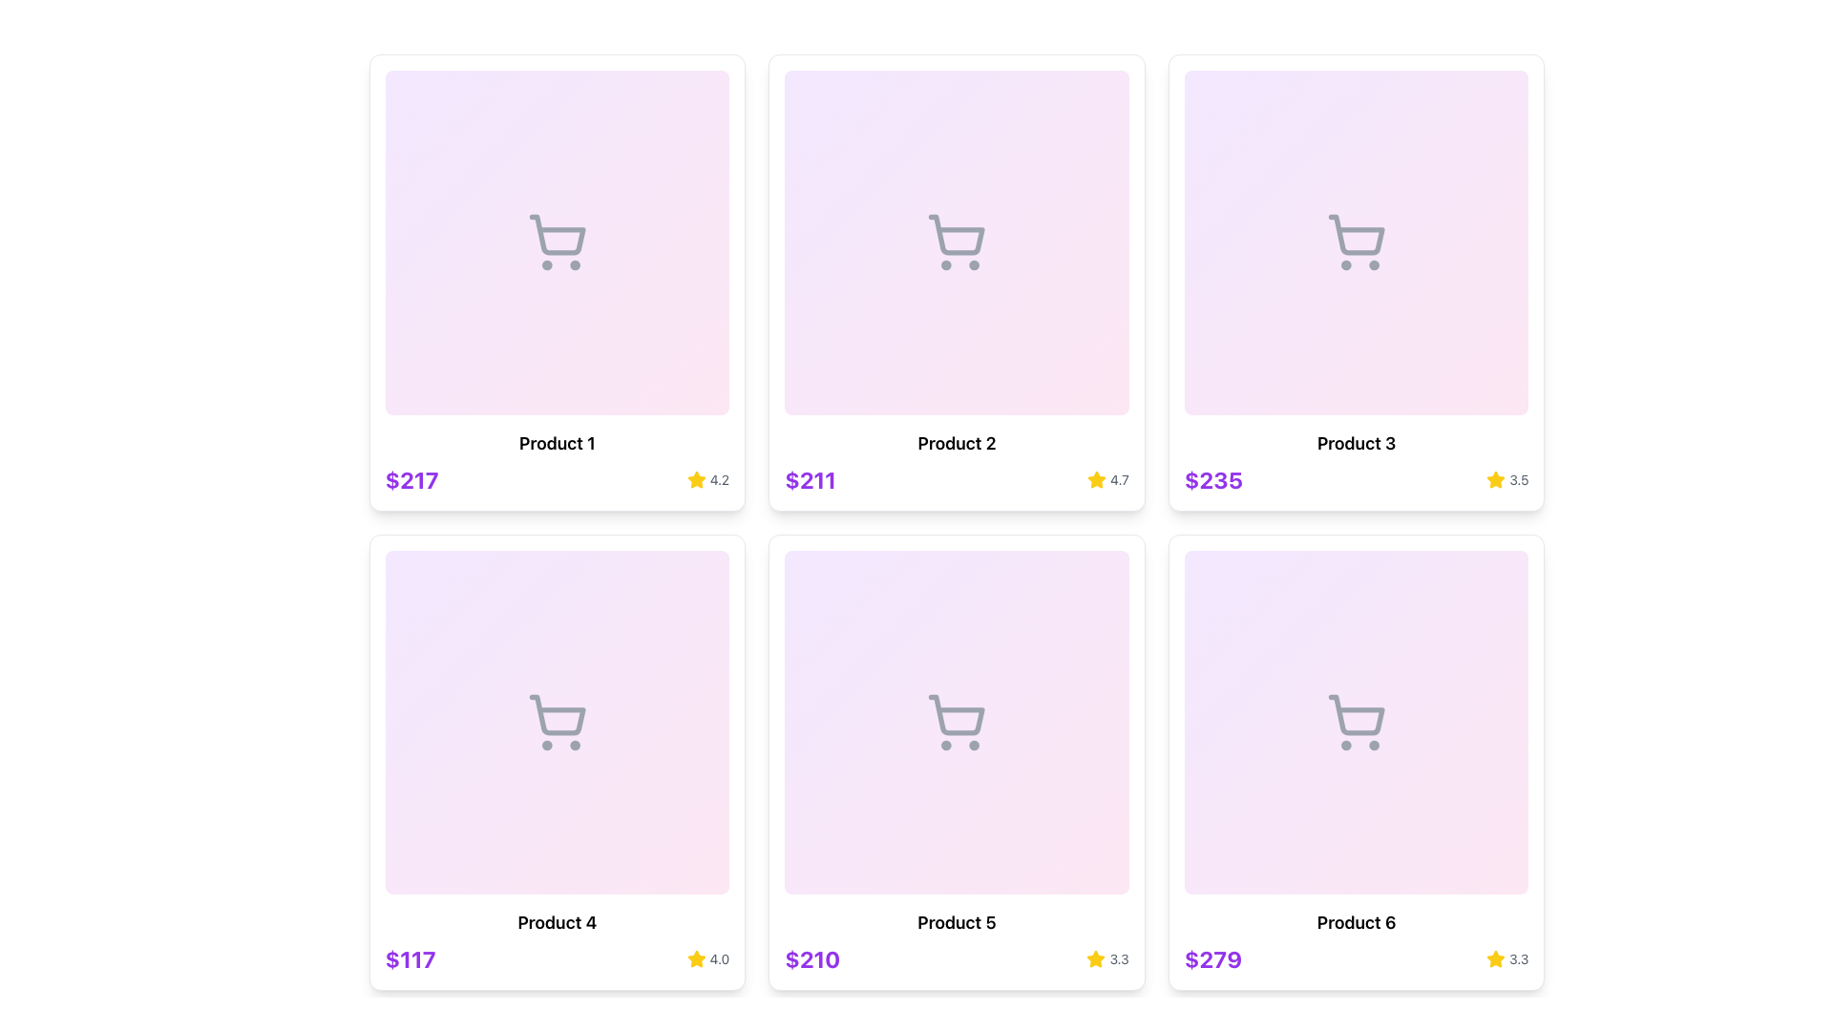 This screenshot has height=1031, width=1833. I want to click on shopping cart icon located centrally on the 'Product 1' card, which is the first card in the first row of products, for visual details, so click(556, 242).